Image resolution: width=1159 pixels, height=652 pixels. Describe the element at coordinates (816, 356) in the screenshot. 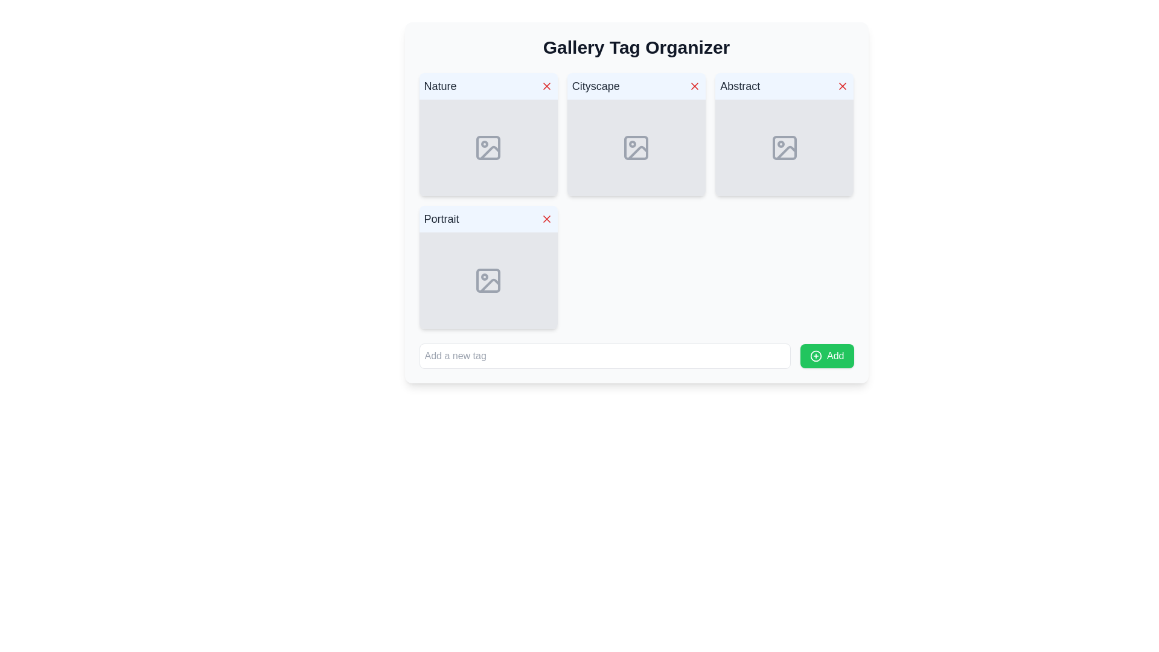

I see `the circular SVG element located at the bottom right of the interface, adjacent to the green 'Add' button` at that location.